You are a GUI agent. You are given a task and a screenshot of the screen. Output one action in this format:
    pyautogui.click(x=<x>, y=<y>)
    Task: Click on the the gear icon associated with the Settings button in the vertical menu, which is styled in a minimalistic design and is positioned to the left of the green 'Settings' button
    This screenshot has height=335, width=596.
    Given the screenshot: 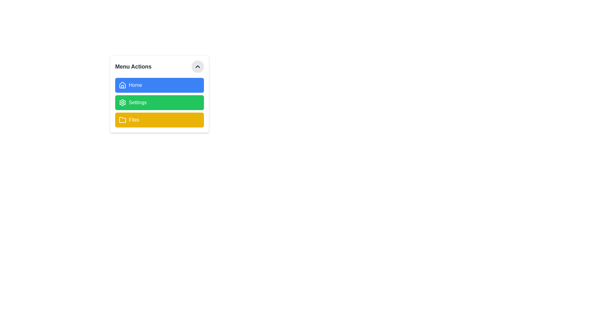 What is the action you would take?
    pyautogui.click(x=122, y=102)
    